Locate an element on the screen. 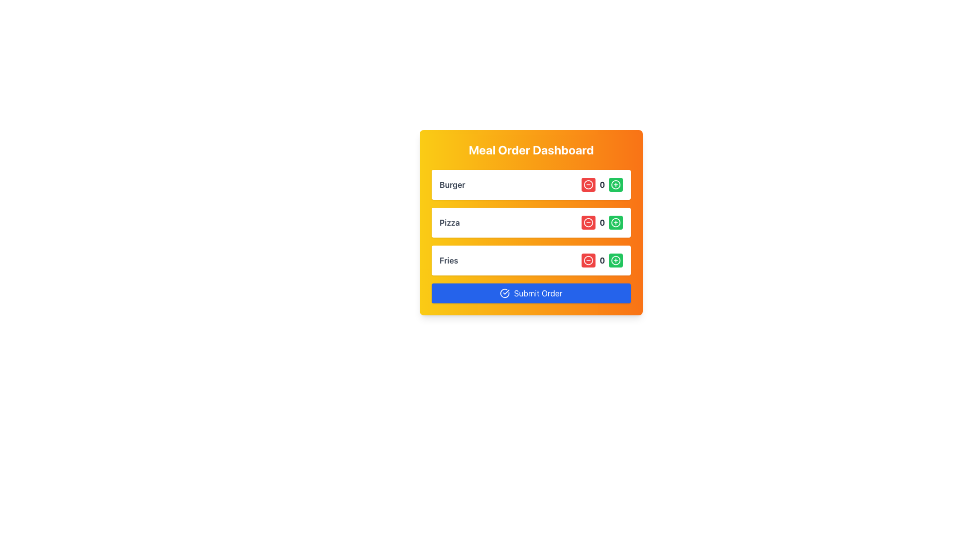  the bold, black-colored numeral '0' in the Meal Order Dashboard, positioned between the red minus button and the green plus button is located at coordinates (601, 260).